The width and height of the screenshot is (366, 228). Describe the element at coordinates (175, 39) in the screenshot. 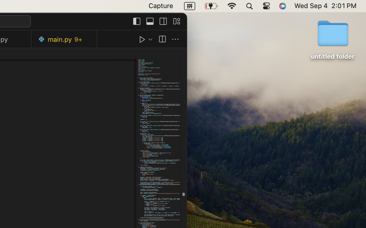

I see `''` at that location.